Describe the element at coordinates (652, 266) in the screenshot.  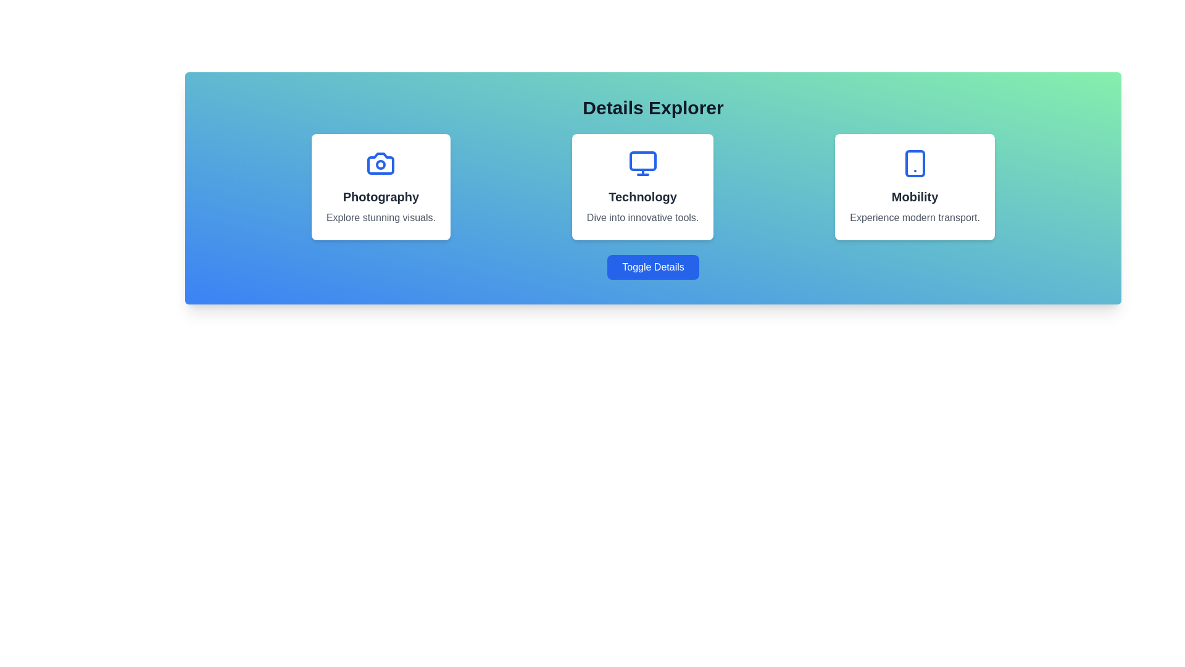
I see `the 'Toggle Details' button, which is a rectangular button with a blue background and white text, located beneath the 'Technology' card in the 'Details Explorer' section` at that location.